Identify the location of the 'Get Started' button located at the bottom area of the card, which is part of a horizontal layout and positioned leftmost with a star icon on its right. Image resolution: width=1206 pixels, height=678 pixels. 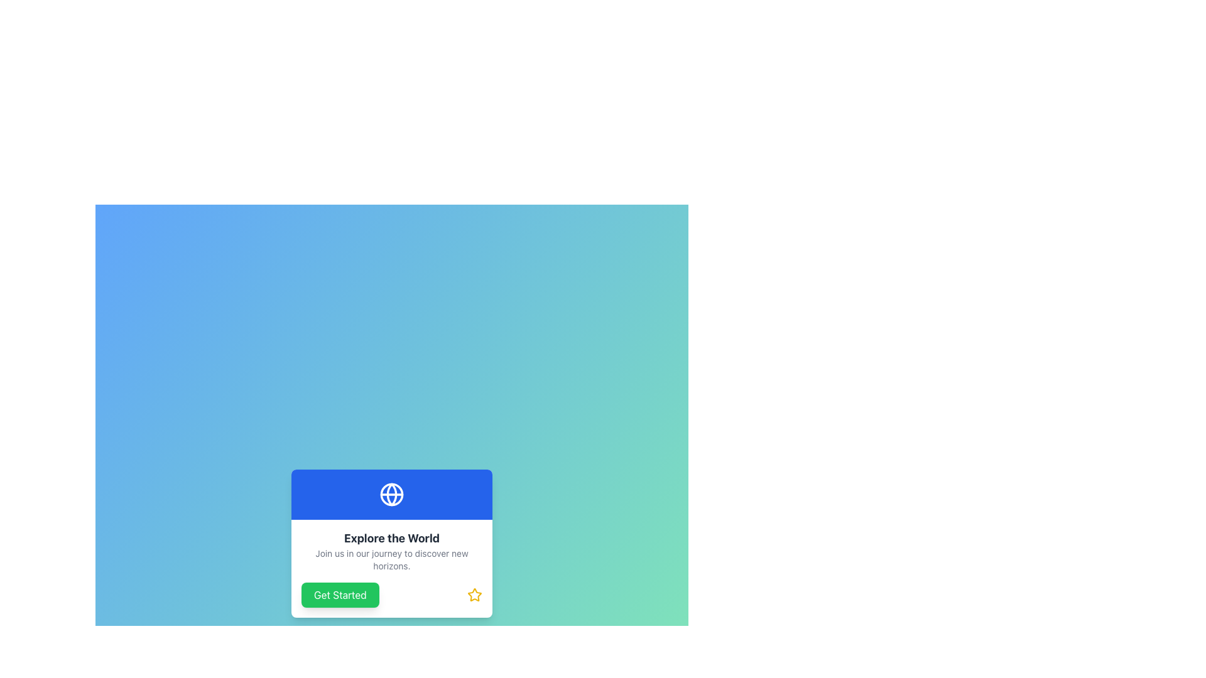
(340, 595).